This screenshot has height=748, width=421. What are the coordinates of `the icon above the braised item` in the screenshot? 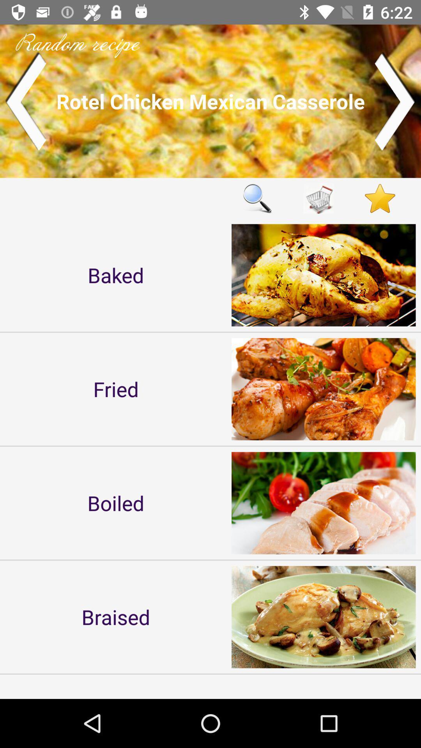 It's located at (116, 503).